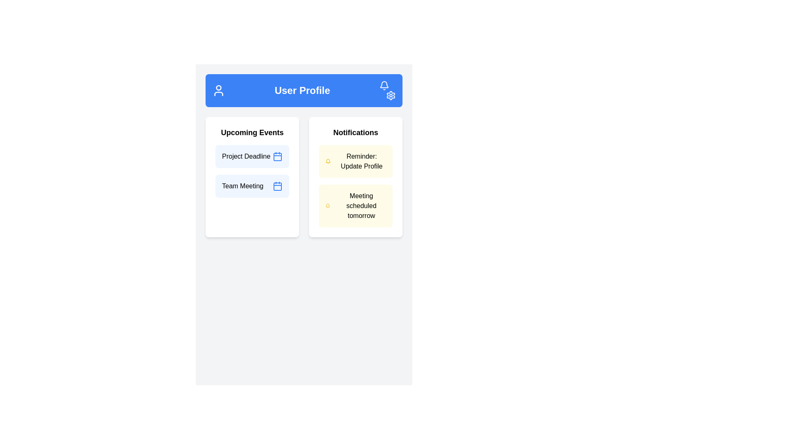  Describe the element at coordinates (219, 87) in the screenshot. I see `the circle part of the user avatar icon located at the center-top area of the icon within the header bar, adjacent to the 'User Profile' text` at that location.